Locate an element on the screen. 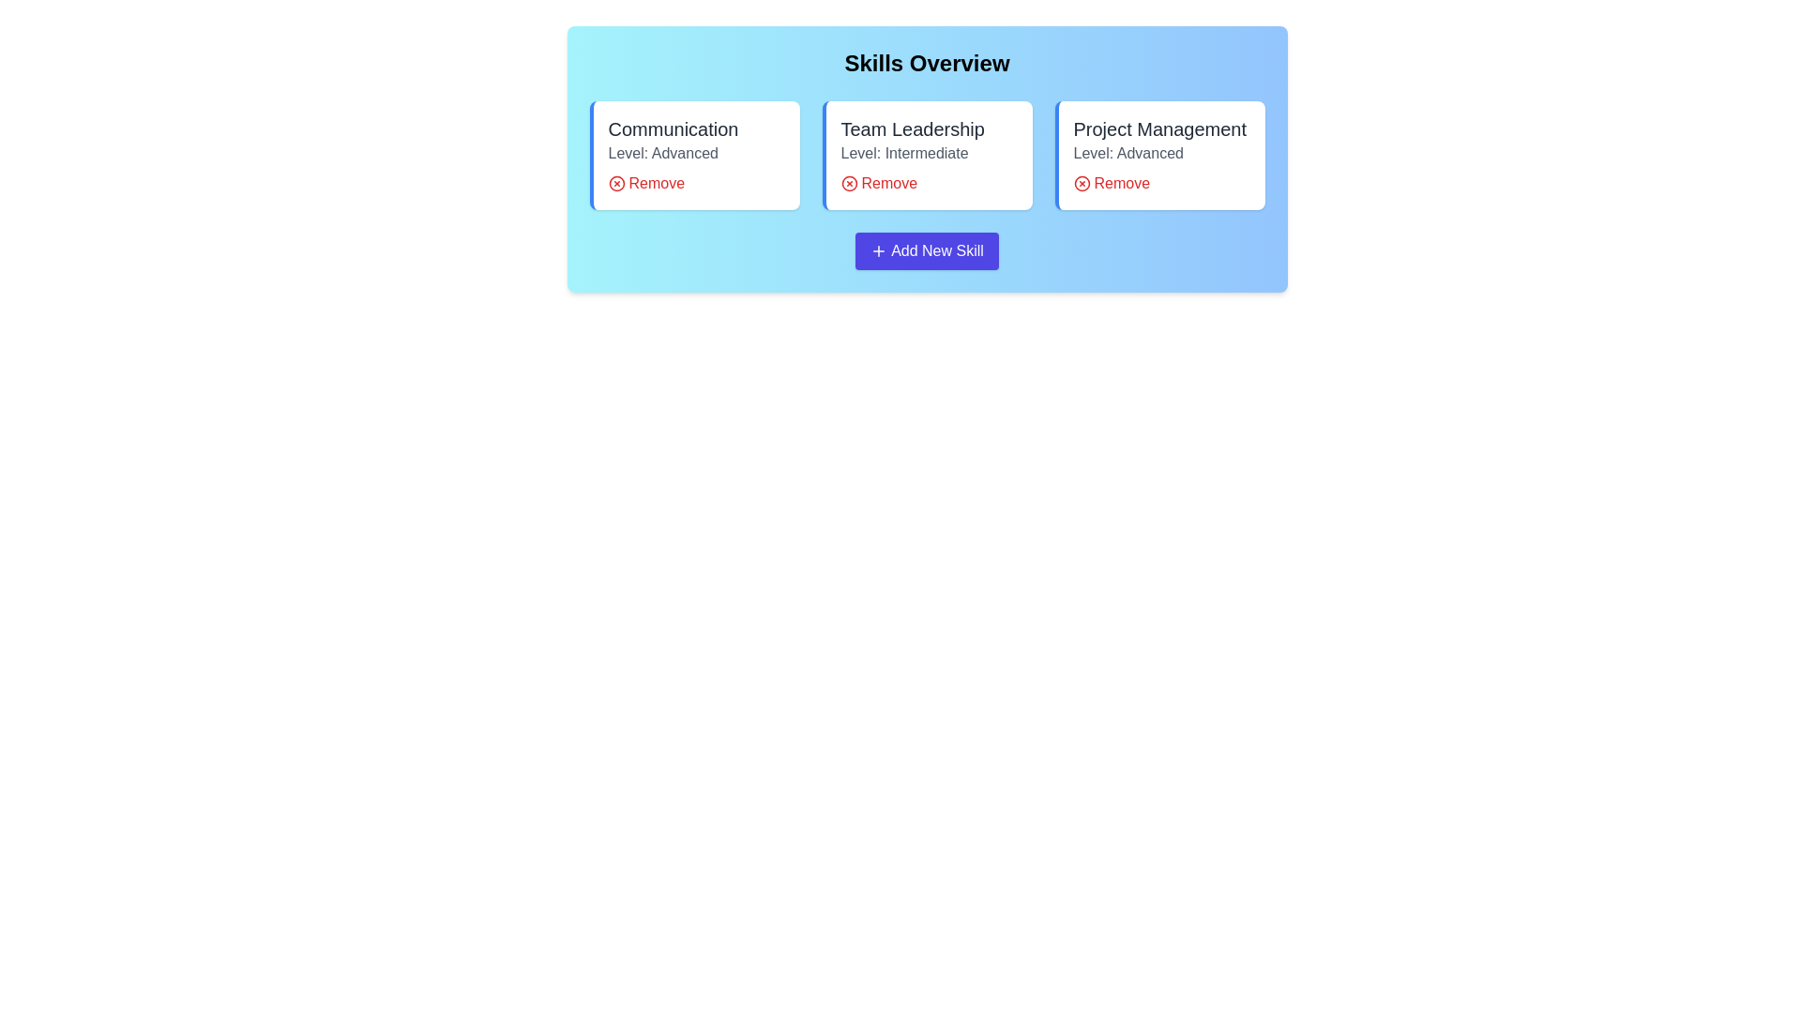  'Remove' button for the skill Team Leadership is located at coordinates (878, 184).